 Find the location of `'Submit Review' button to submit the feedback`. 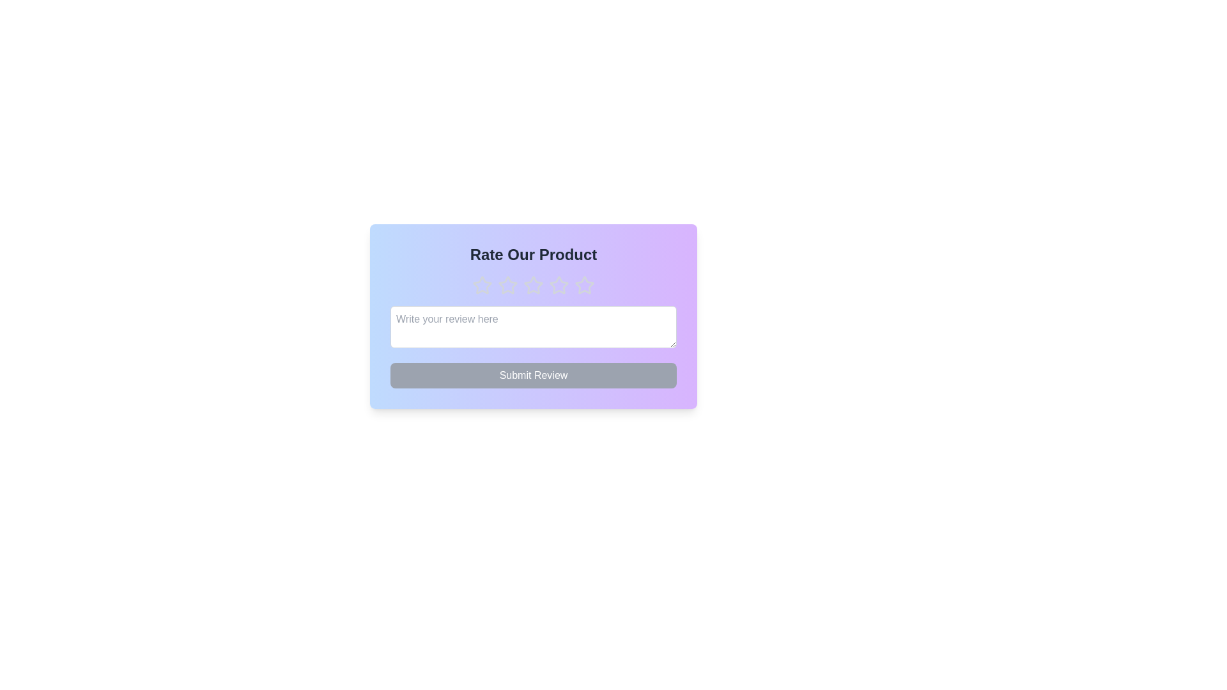

'Submit Review' button to submit the feedback is located at coordinates (534, 374).